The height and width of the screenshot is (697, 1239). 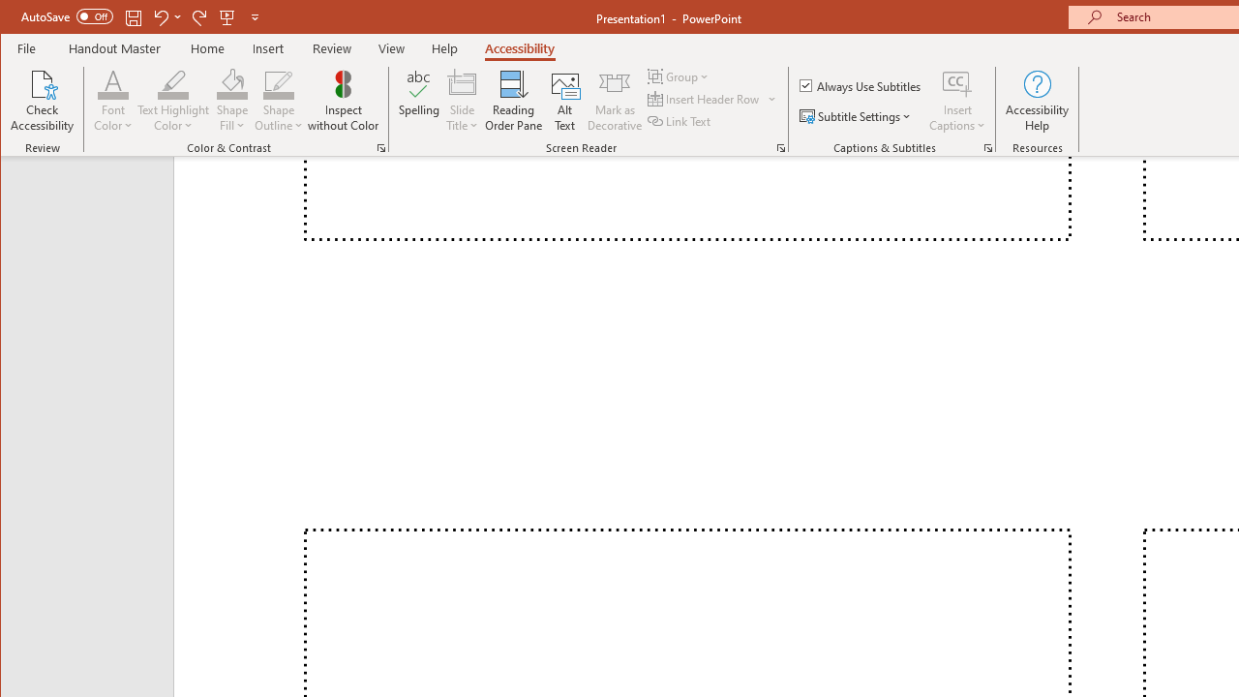 I want to click on 'Color & Contrast', so click(x=381, y=147).